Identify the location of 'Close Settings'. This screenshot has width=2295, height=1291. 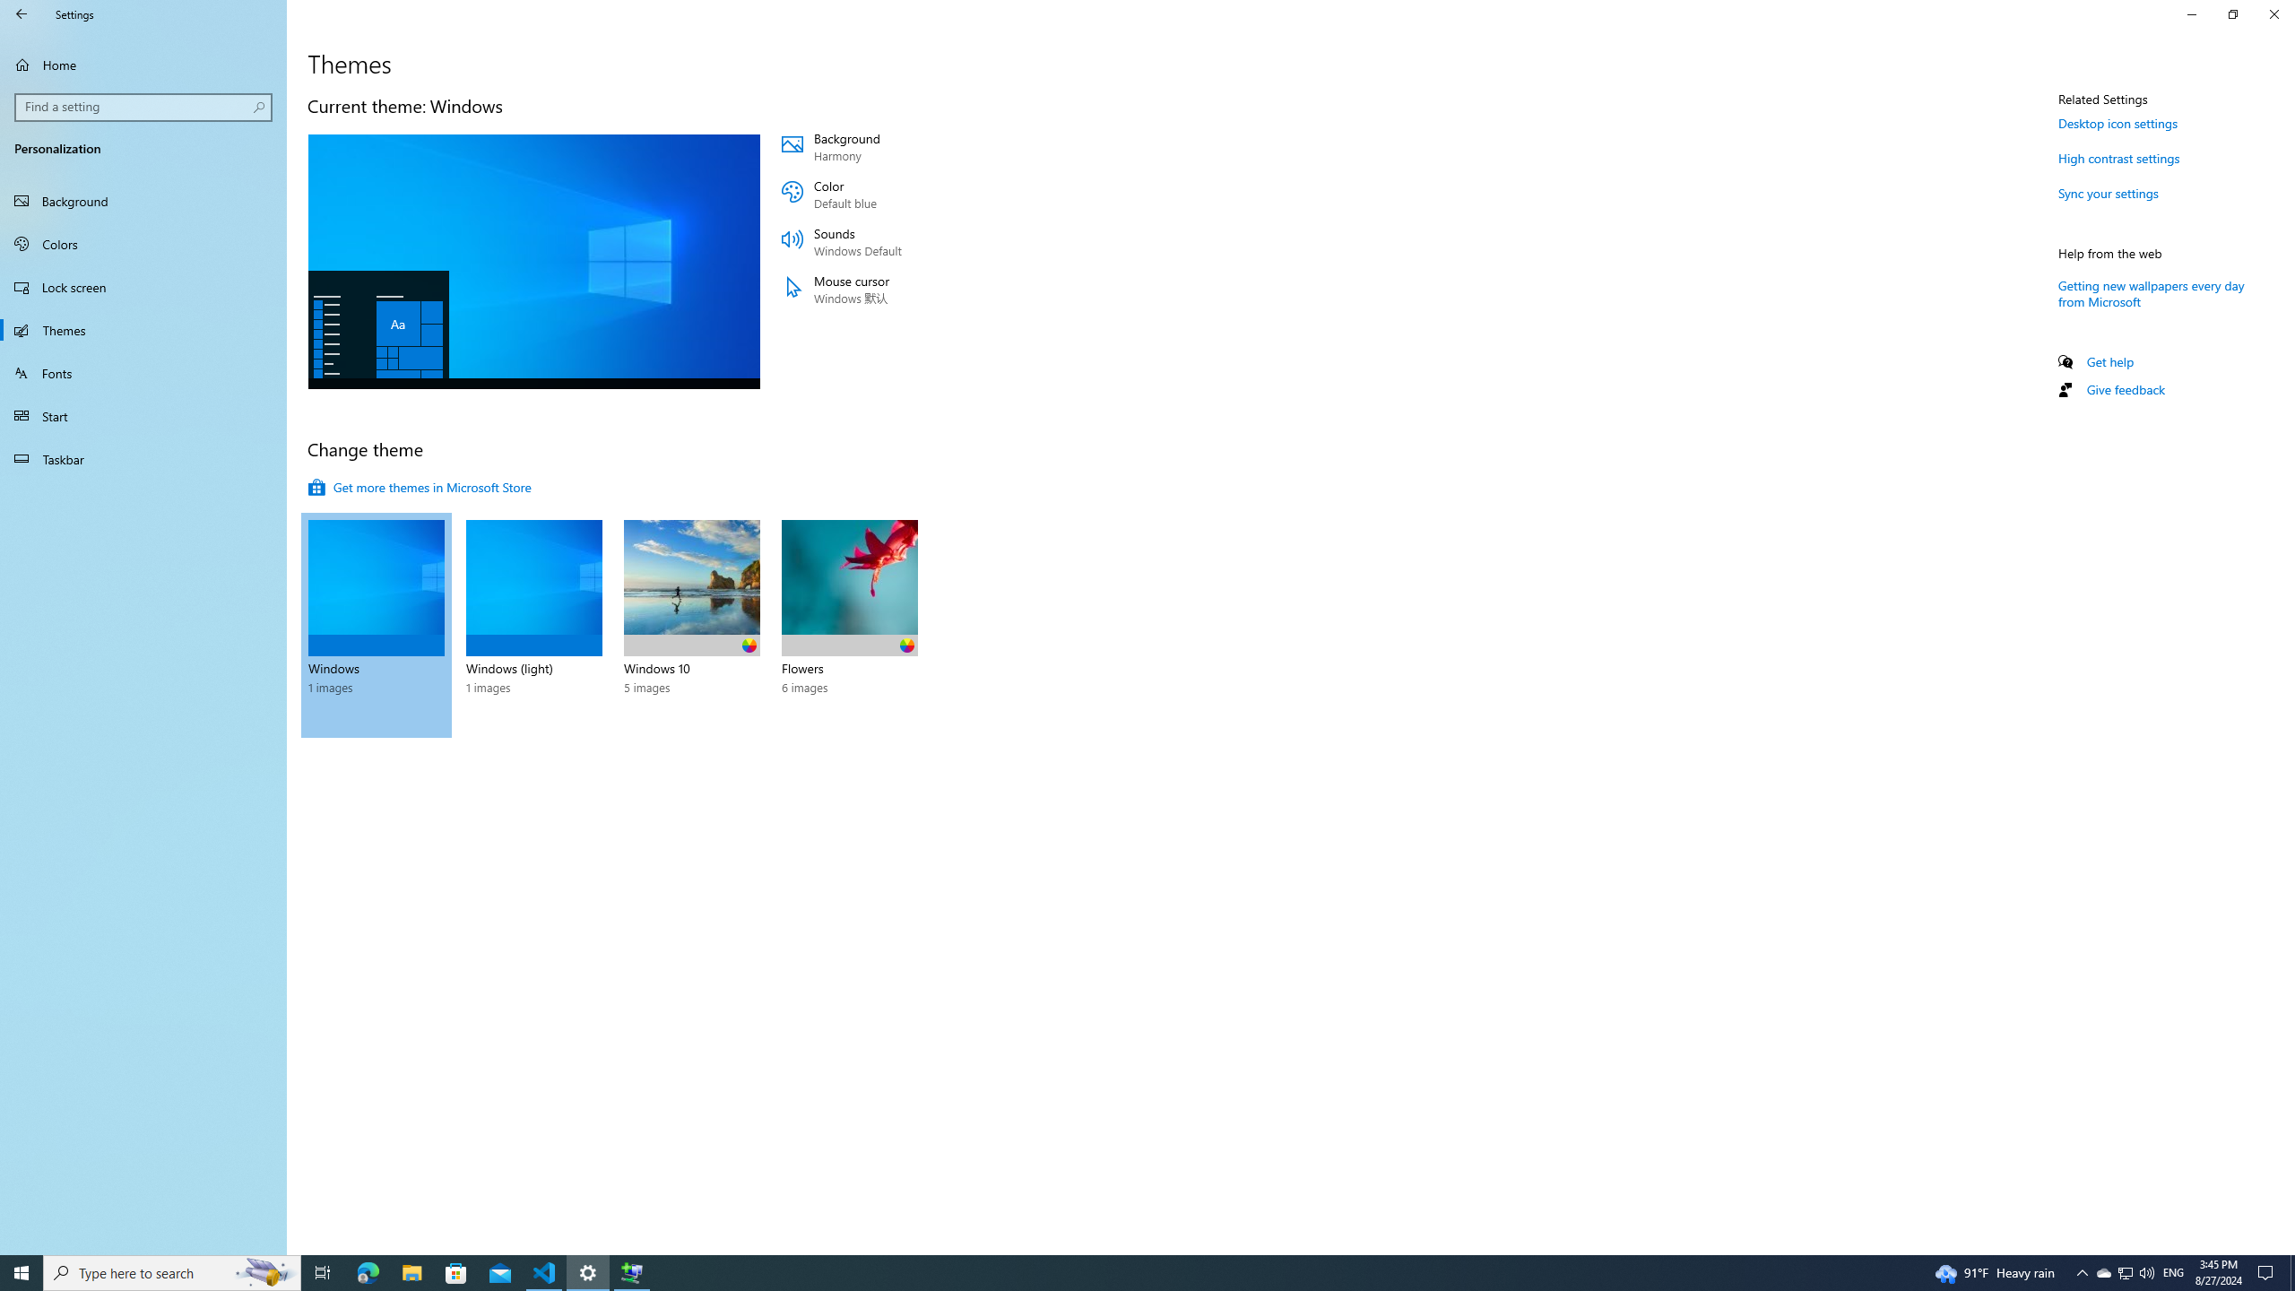
(2273, 13).